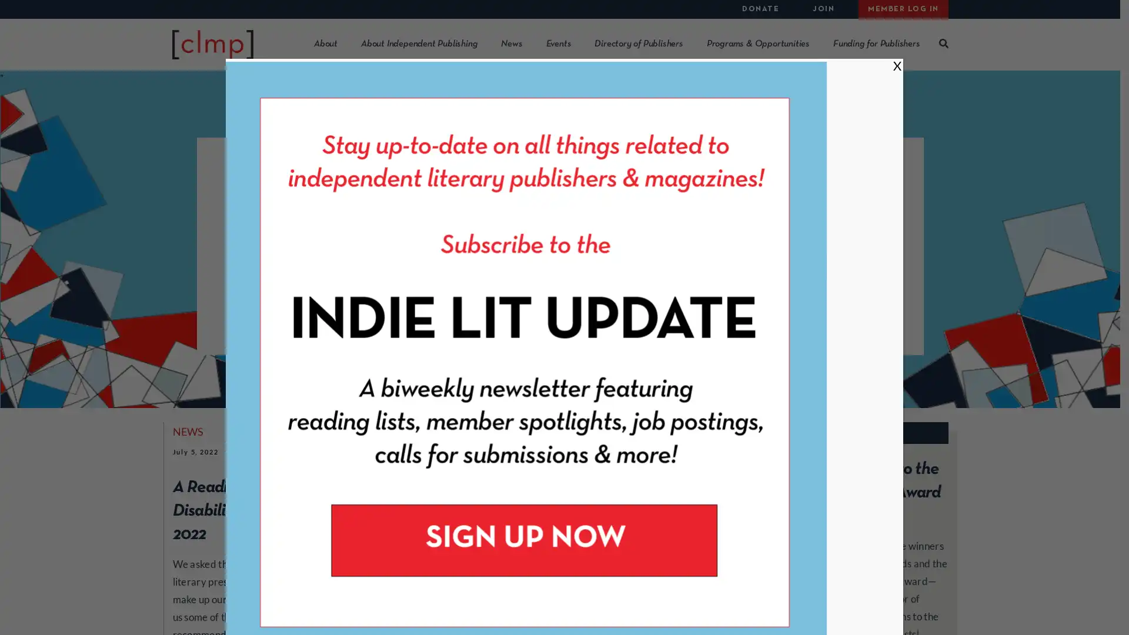 This screenshot has width=1129, height=635. What do you see at coordinates (897, 65) in the screenshot?
I see `Close` at bounding box center [897, 65].